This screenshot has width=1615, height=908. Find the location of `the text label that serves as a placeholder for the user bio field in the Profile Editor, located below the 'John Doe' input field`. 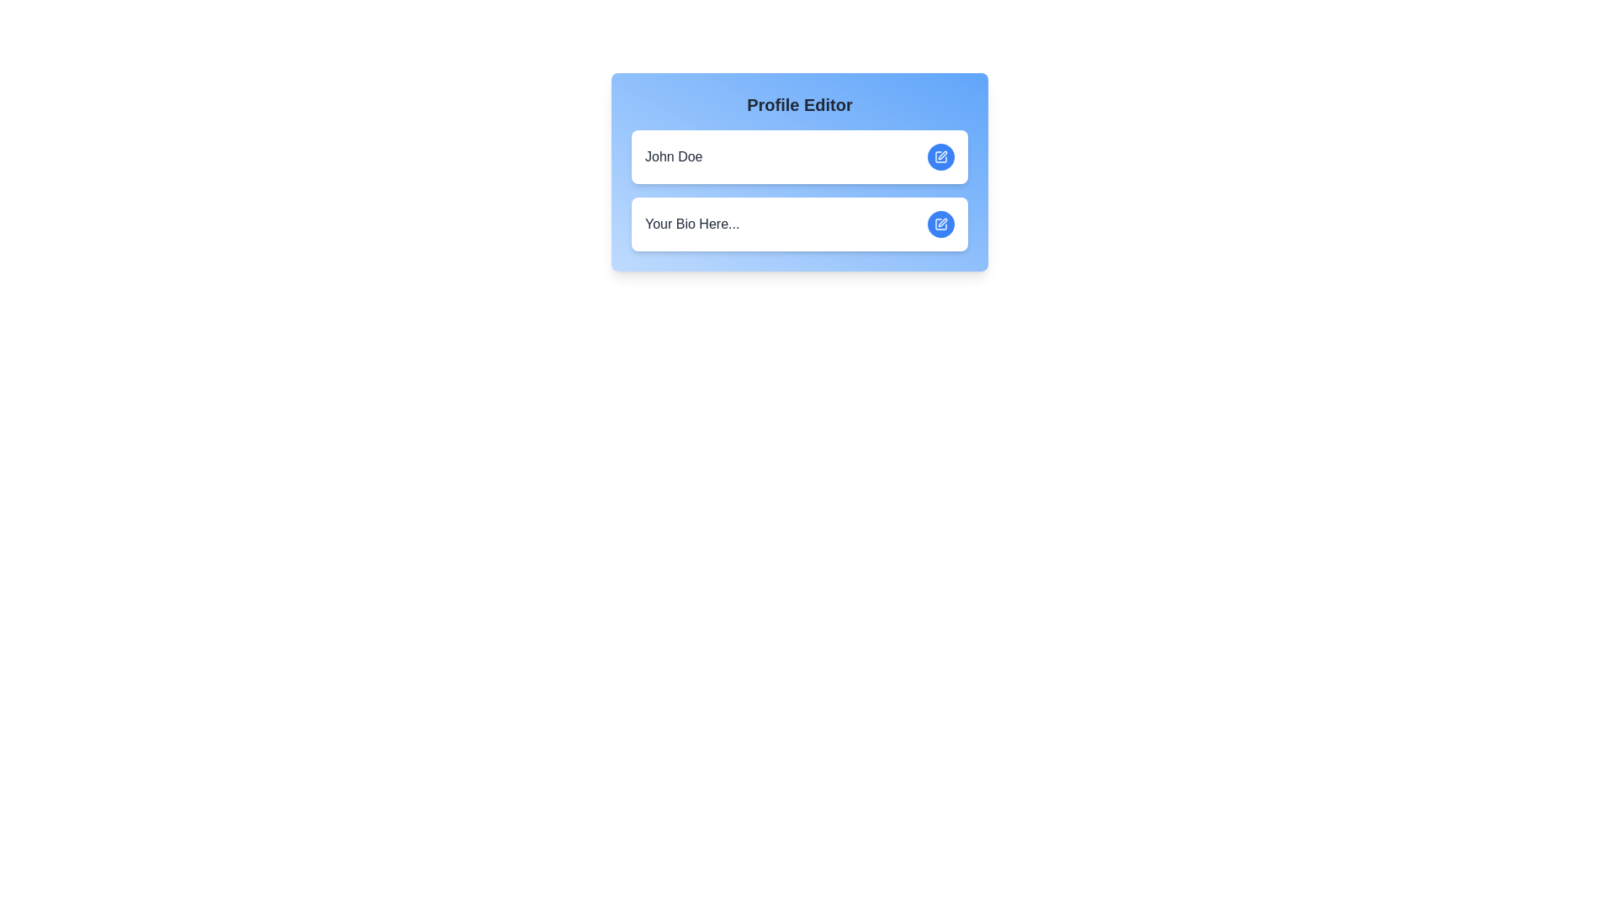

the text label that serves as a placeholder for the user bio field in the Profile Editor, located below the 'John Doe' input field is located at coordinates (692, 223).